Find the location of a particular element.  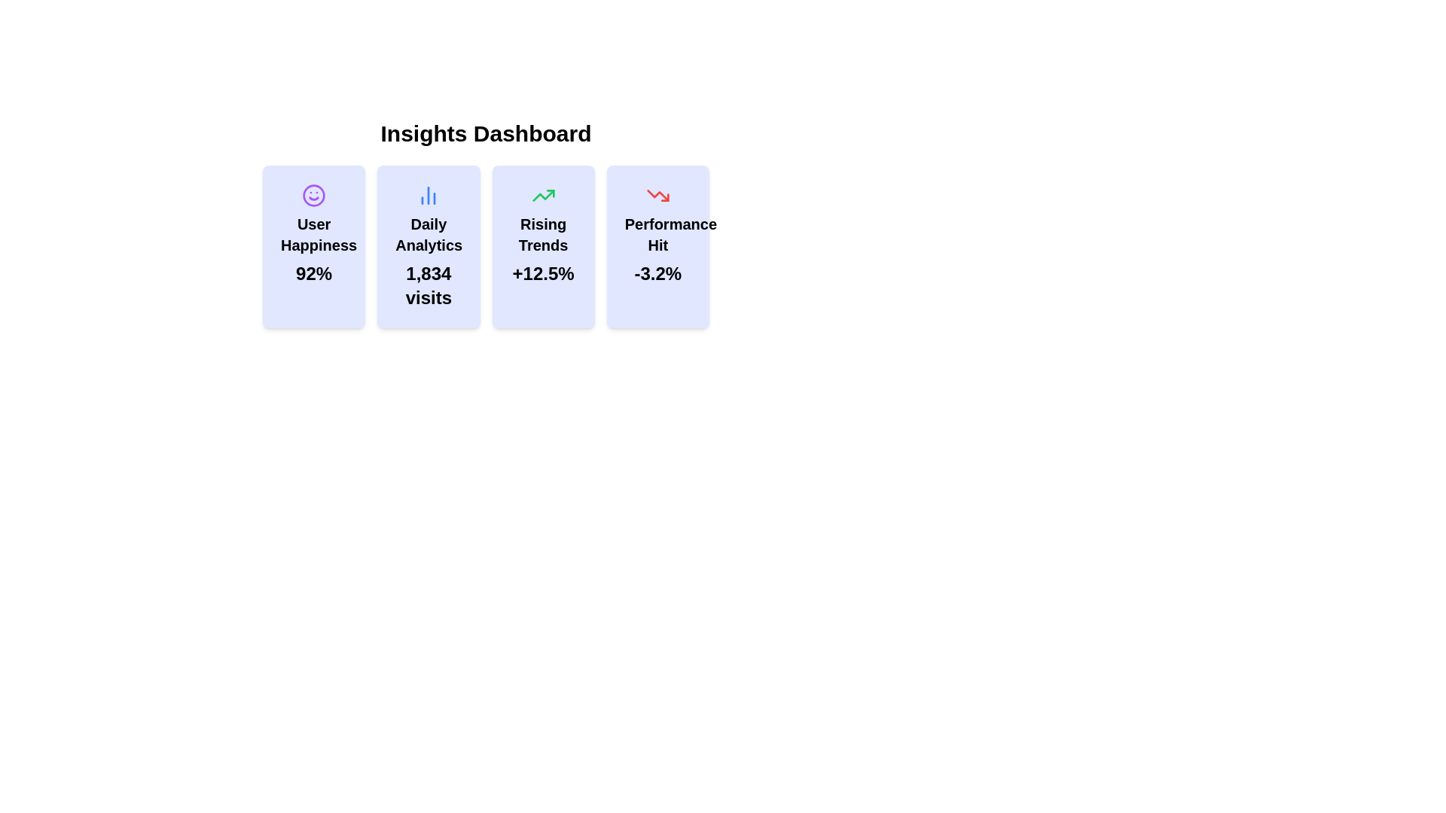

the 'Happiness' icon located at the top-center of the leftmost card in the second row of the dashboard, which visually represents the concept of 'Happiness' is located at coordinates (313, 194).